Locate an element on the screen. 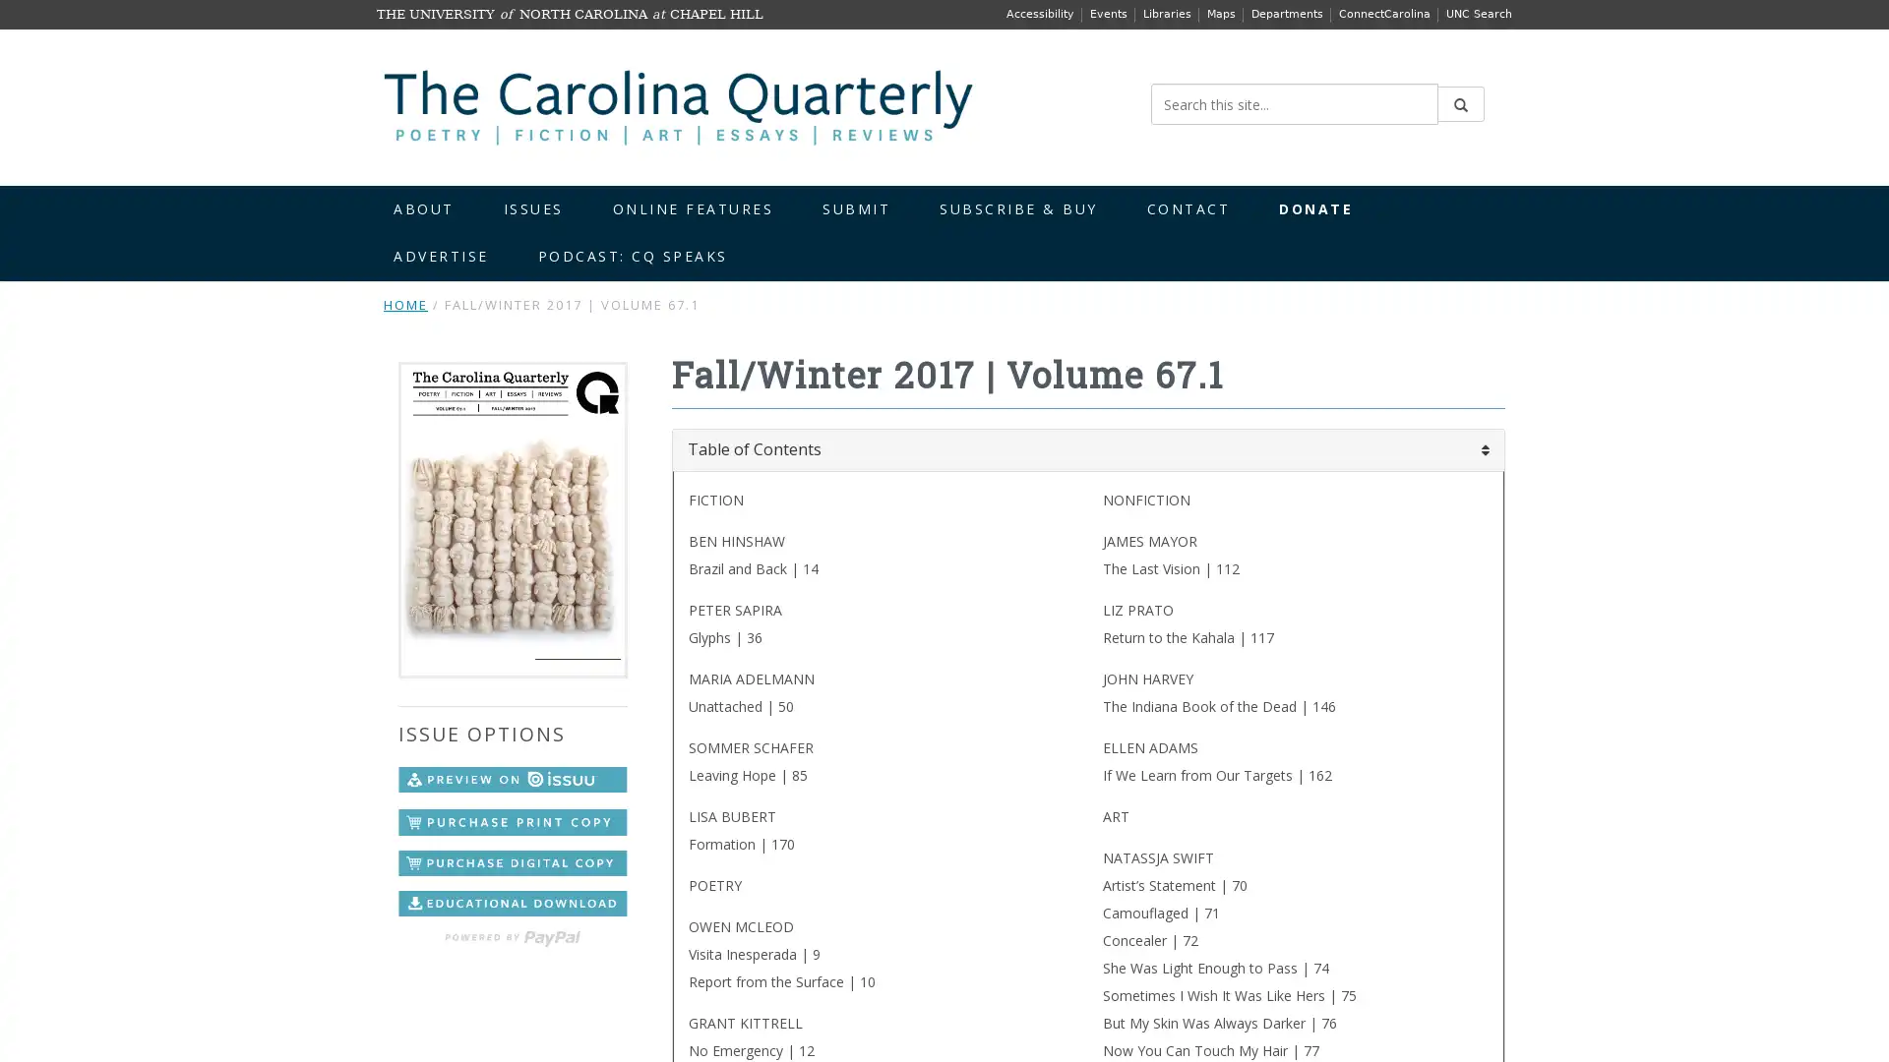 Image resolution: width=1889 pixels, height=1062 pixels. Submit Search is located at coordinates (1460, 103).